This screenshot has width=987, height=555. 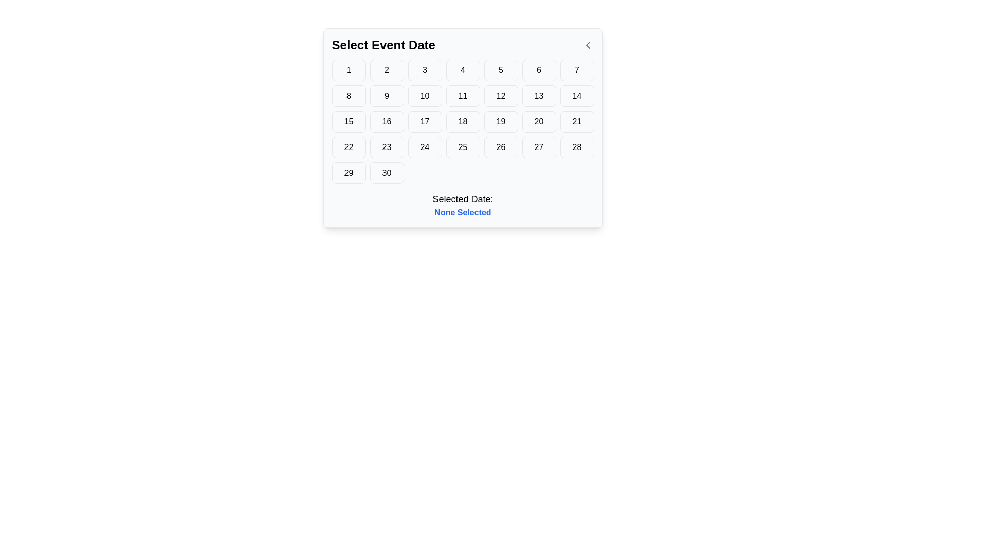 What do you see at coordinates (349, 147) in the screenshot?
I see `the button representing the date number '22' in the calendar-like date selection interface` at bounding box center [349, 147].